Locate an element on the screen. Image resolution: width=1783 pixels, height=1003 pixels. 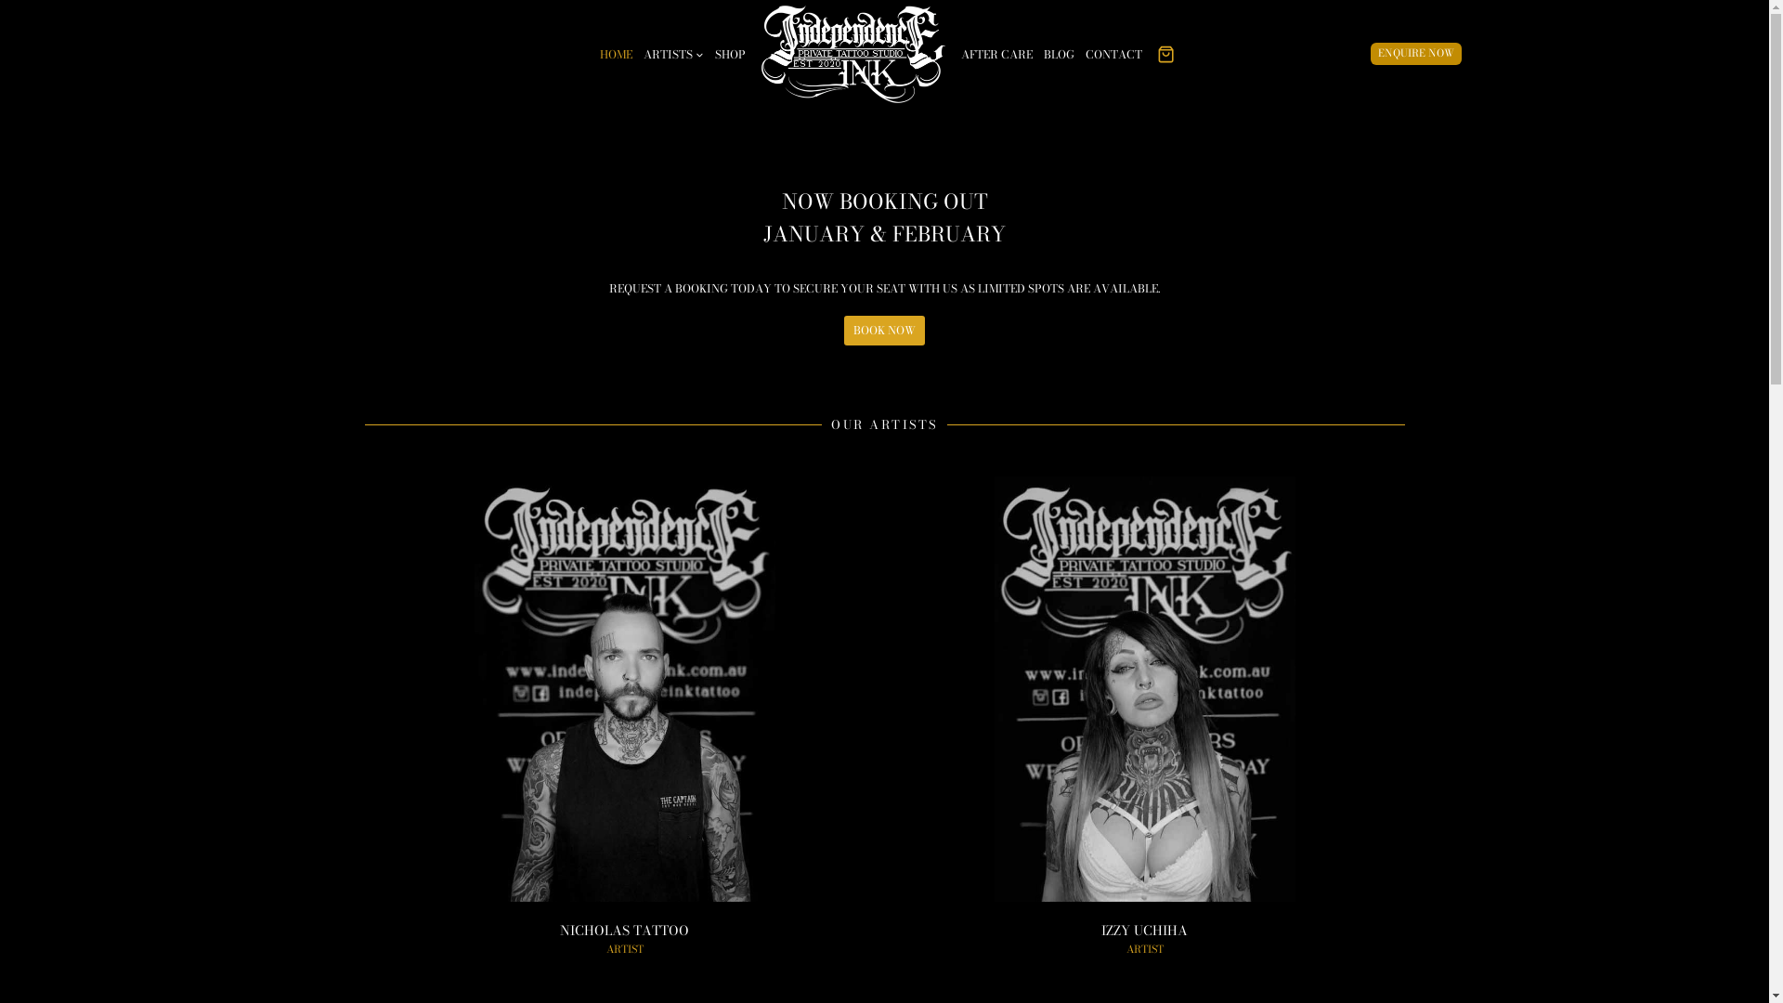
'BOOK NOW' is located at coordinates (883, 329).